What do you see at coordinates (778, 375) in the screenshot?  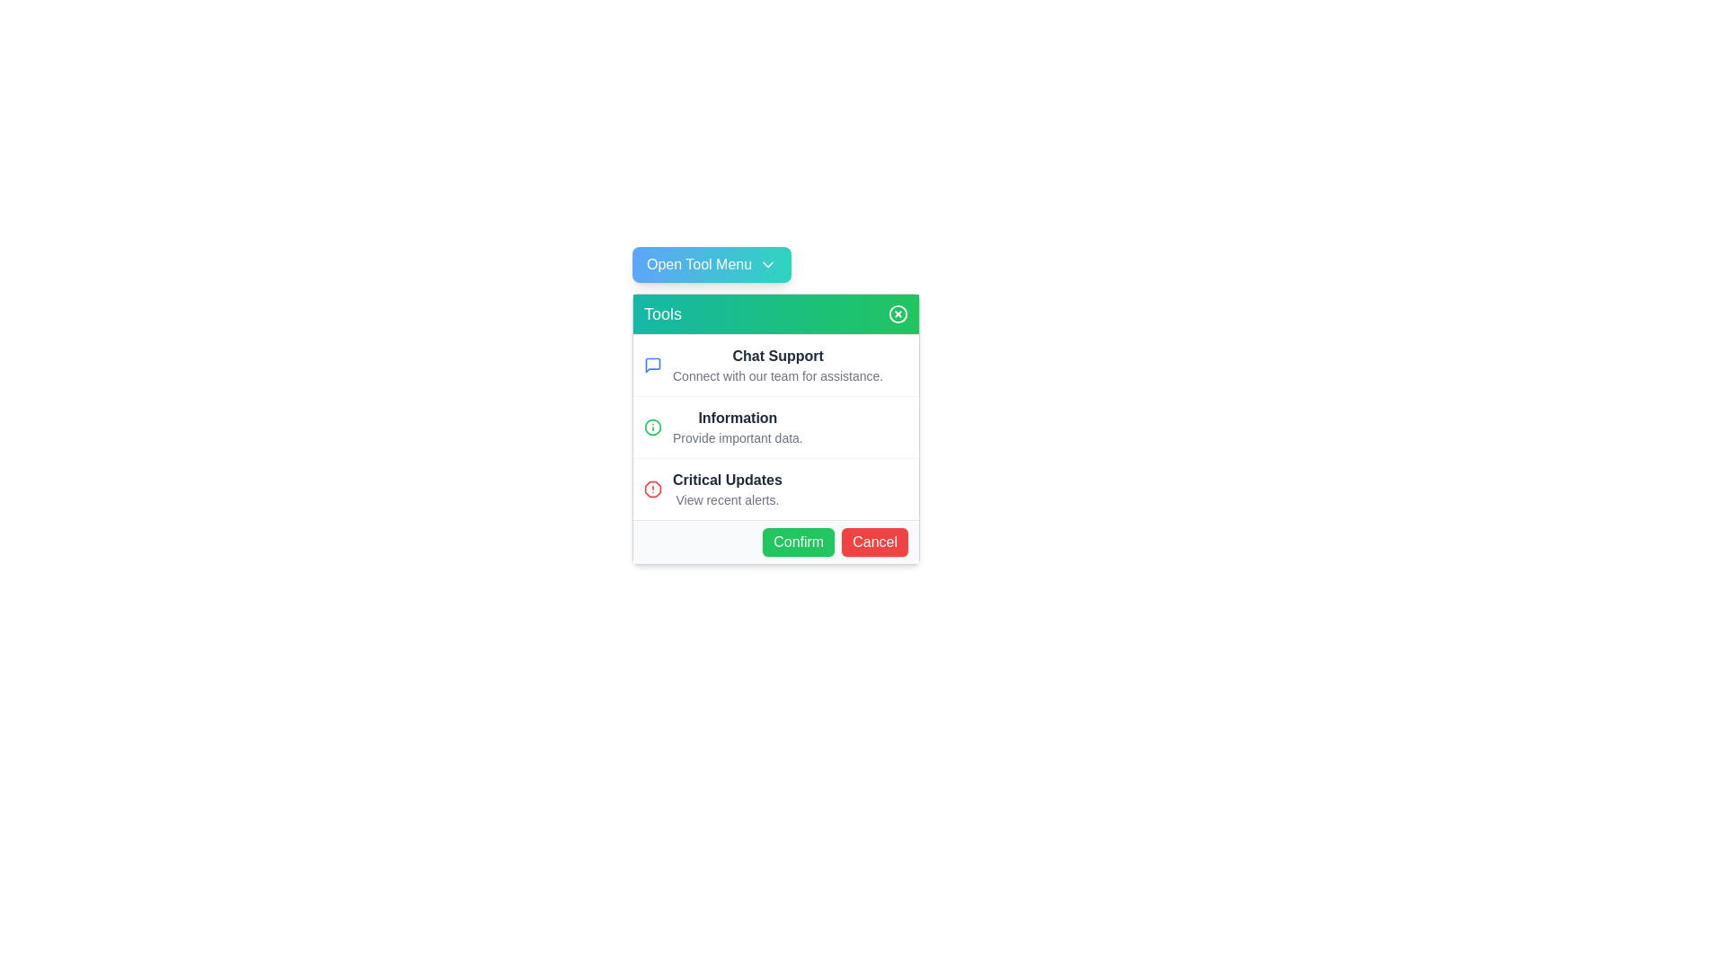 I see `the static text label displaying 'Connect with our team for assistance.' located beneath the 'Chat Support' title in the green 'Tools' panel` at bounding box center [778, 375].